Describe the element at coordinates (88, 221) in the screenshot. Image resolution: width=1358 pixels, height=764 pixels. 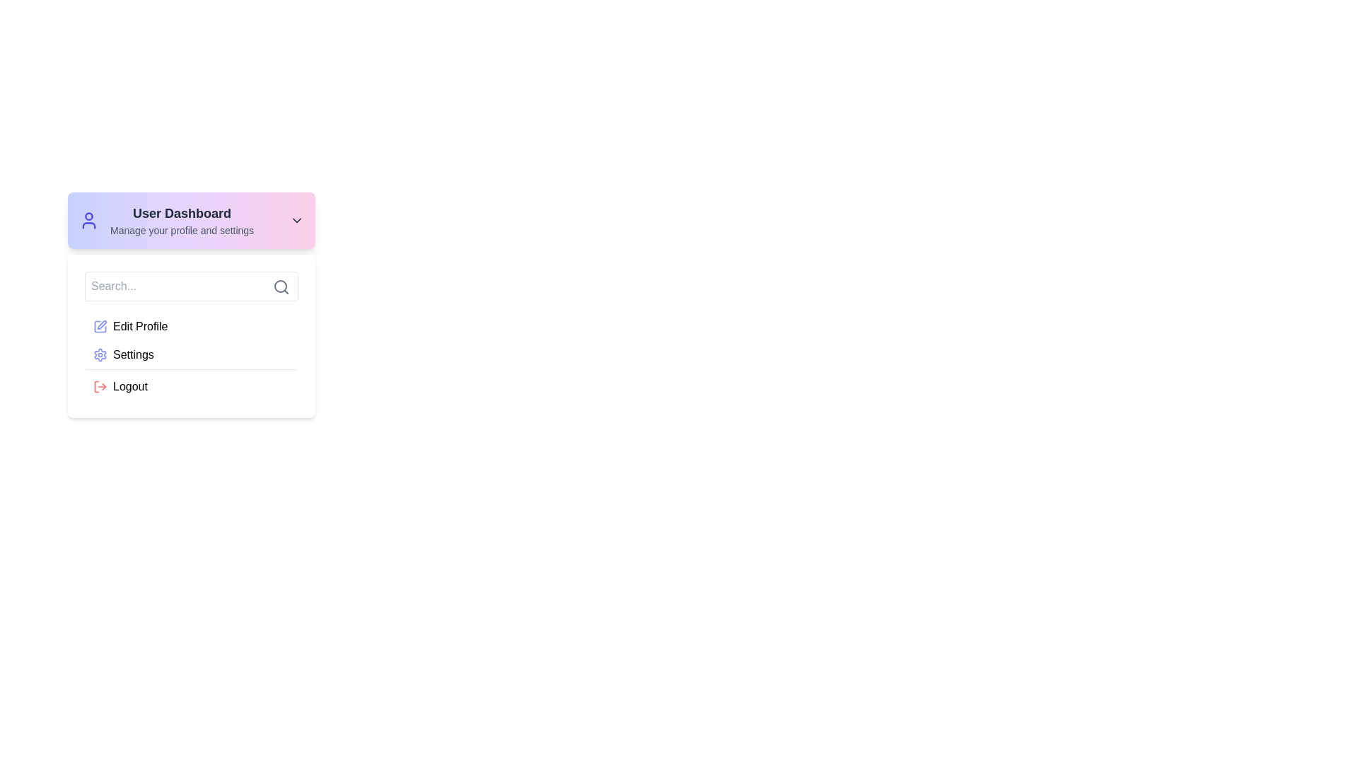
I see `the outlined user profile icon, which is a blue circular head and shoulders depiction, located to the left of the 'User Dashboard' text in the gradient-colored header` at that location.